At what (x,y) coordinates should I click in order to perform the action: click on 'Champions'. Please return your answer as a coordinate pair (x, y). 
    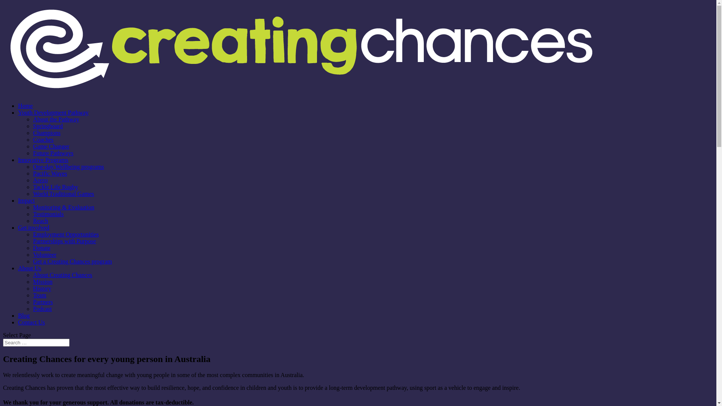
    Looking at the image, I should click on (46, 132).